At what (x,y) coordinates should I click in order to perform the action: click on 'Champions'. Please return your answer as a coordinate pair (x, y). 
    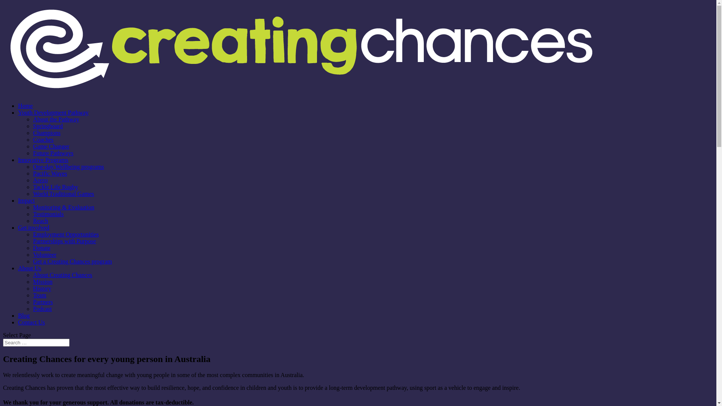
    Looking at the image, I should click on (46, 132).